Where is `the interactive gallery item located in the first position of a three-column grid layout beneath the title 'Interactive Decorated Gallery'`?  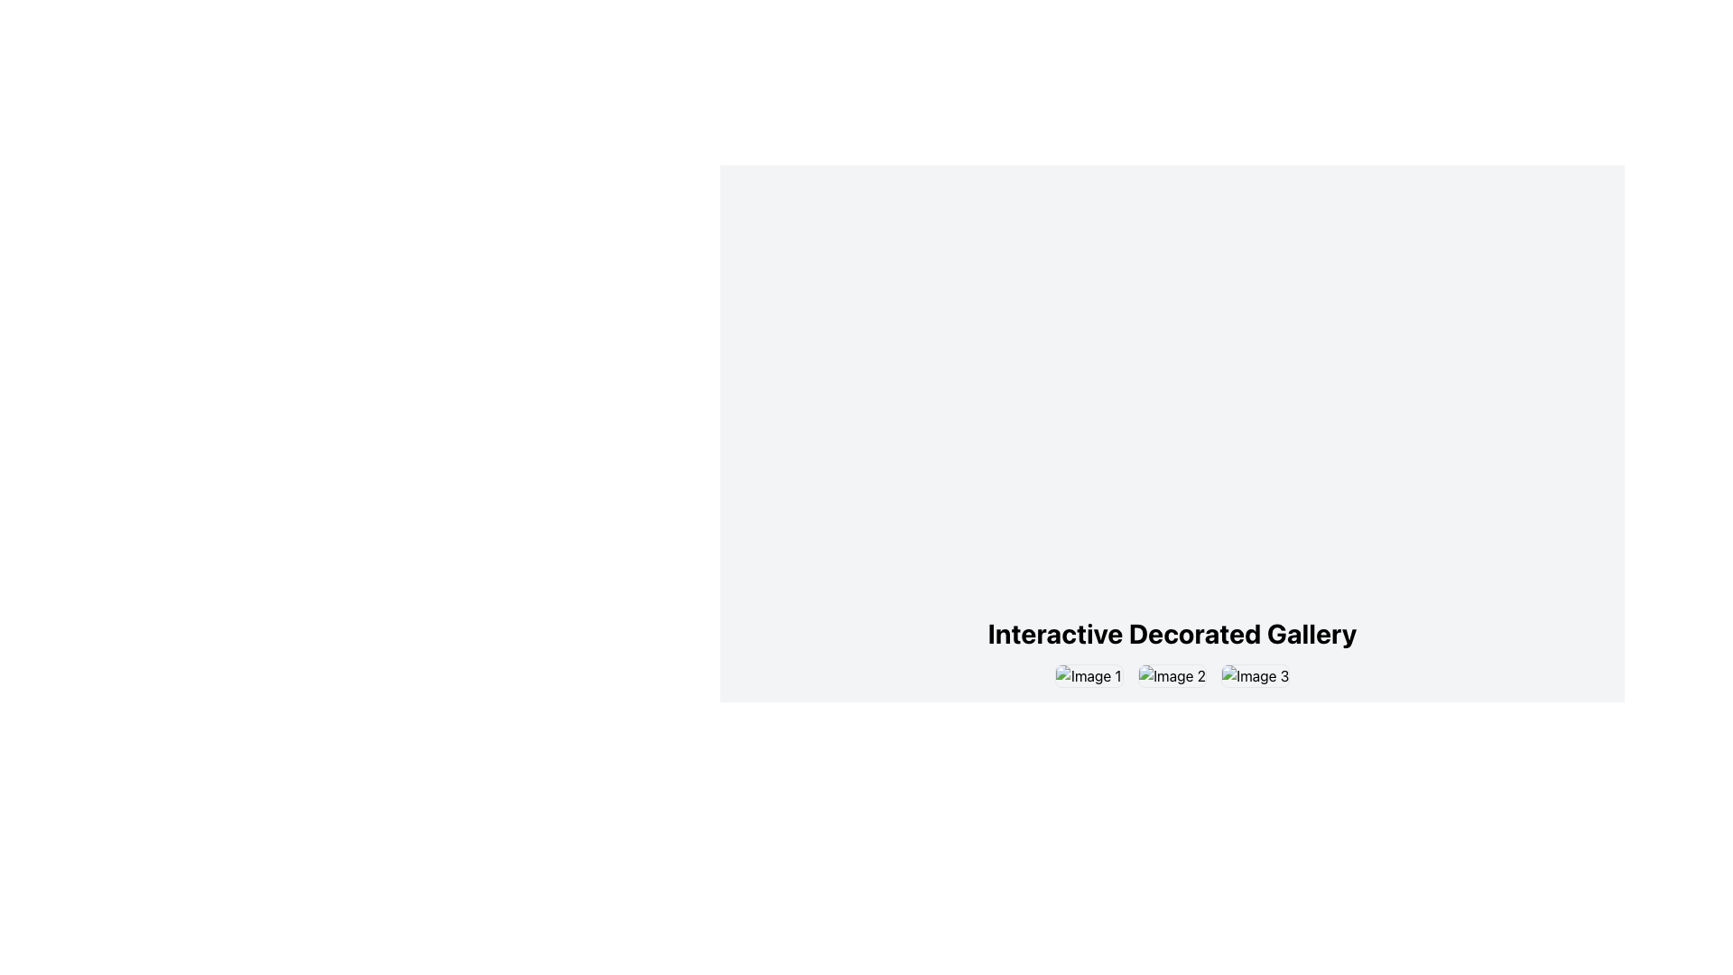 the interactive gallery item located in the first position of a three-column grid layout beneath the title 'Interactive Decorated Gallery' is located at coordinates (1088, 675).